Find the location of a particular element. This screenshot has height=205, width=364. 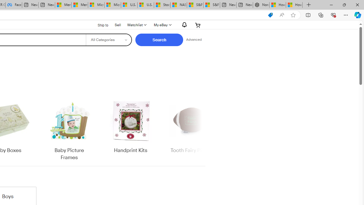

'My eBay' is located at coordinates (162, 25).